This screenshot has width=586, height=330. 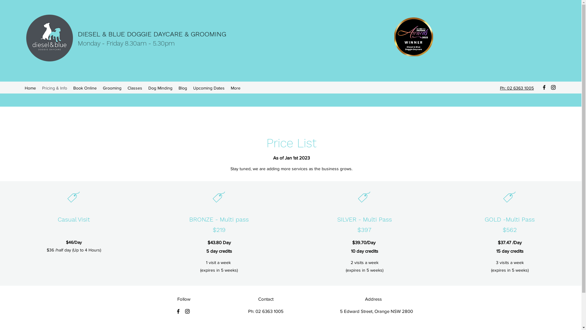 I want to click on 'Book Online', so click(x=85, y=88).